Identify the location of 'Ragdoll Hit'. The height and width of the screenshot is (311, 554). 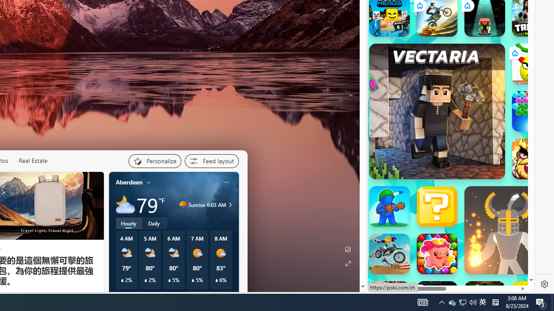
(509, 230).